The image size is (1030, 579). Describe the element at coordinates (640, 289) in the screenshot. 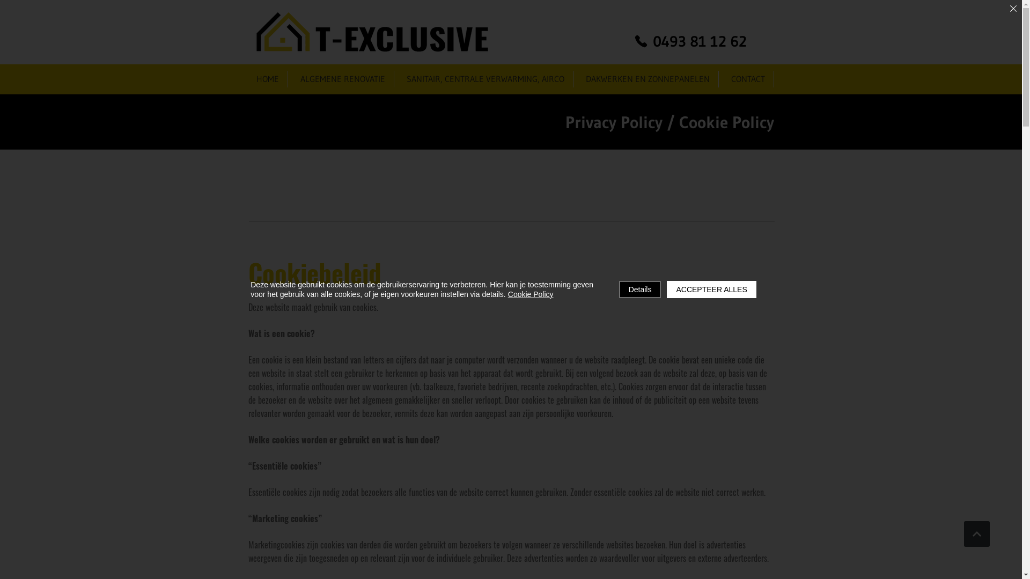

I see `'Details'` at that location.